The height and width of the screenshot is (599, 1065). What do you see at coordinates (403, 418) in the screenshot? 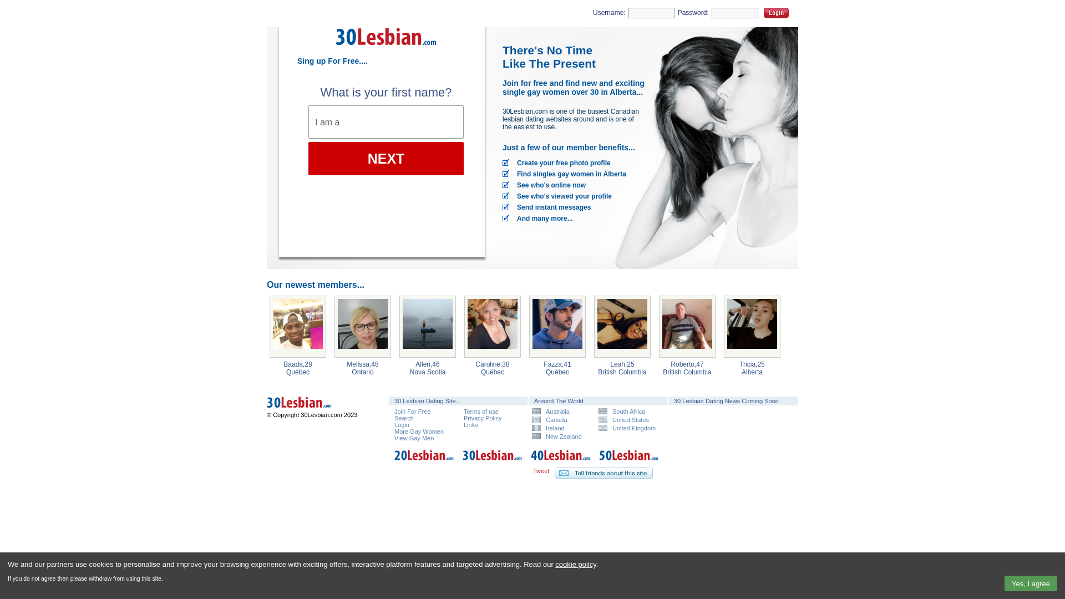
I see `'Search'` at bounding box center [403, 418].